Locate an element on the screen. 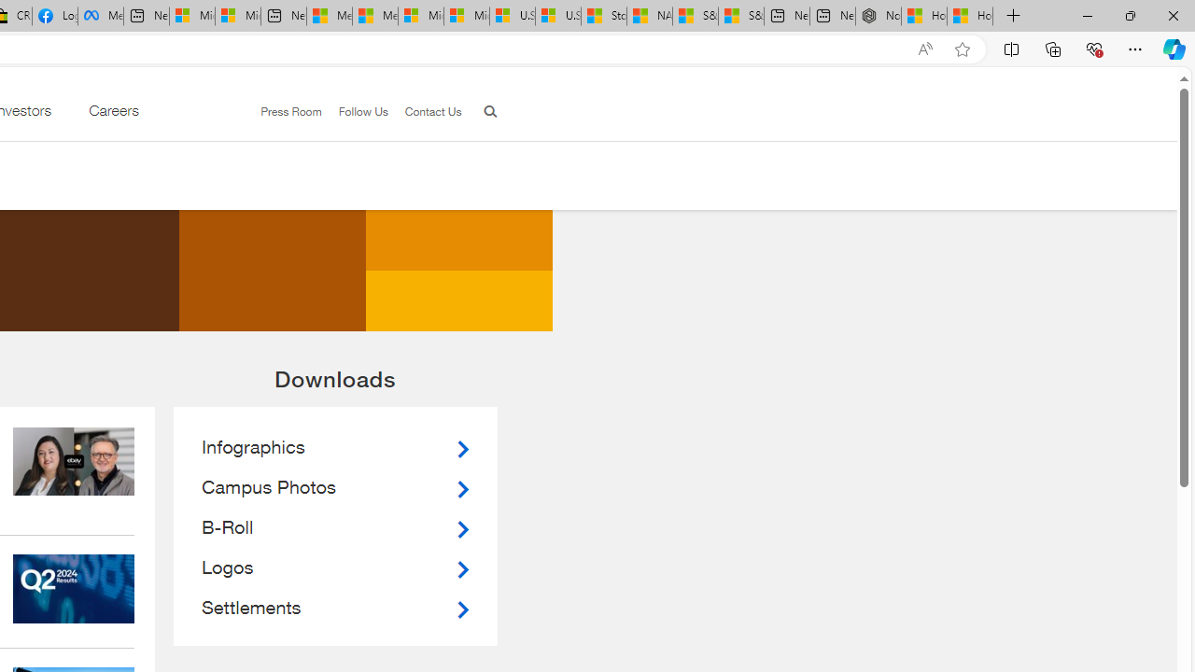 Image resolution: width=1195 pixels, height=672 pixels. 'S&P 500, Nasdaq end lower, weighed by Nvidia dip | Watch' is located at coordinates (740, 16).